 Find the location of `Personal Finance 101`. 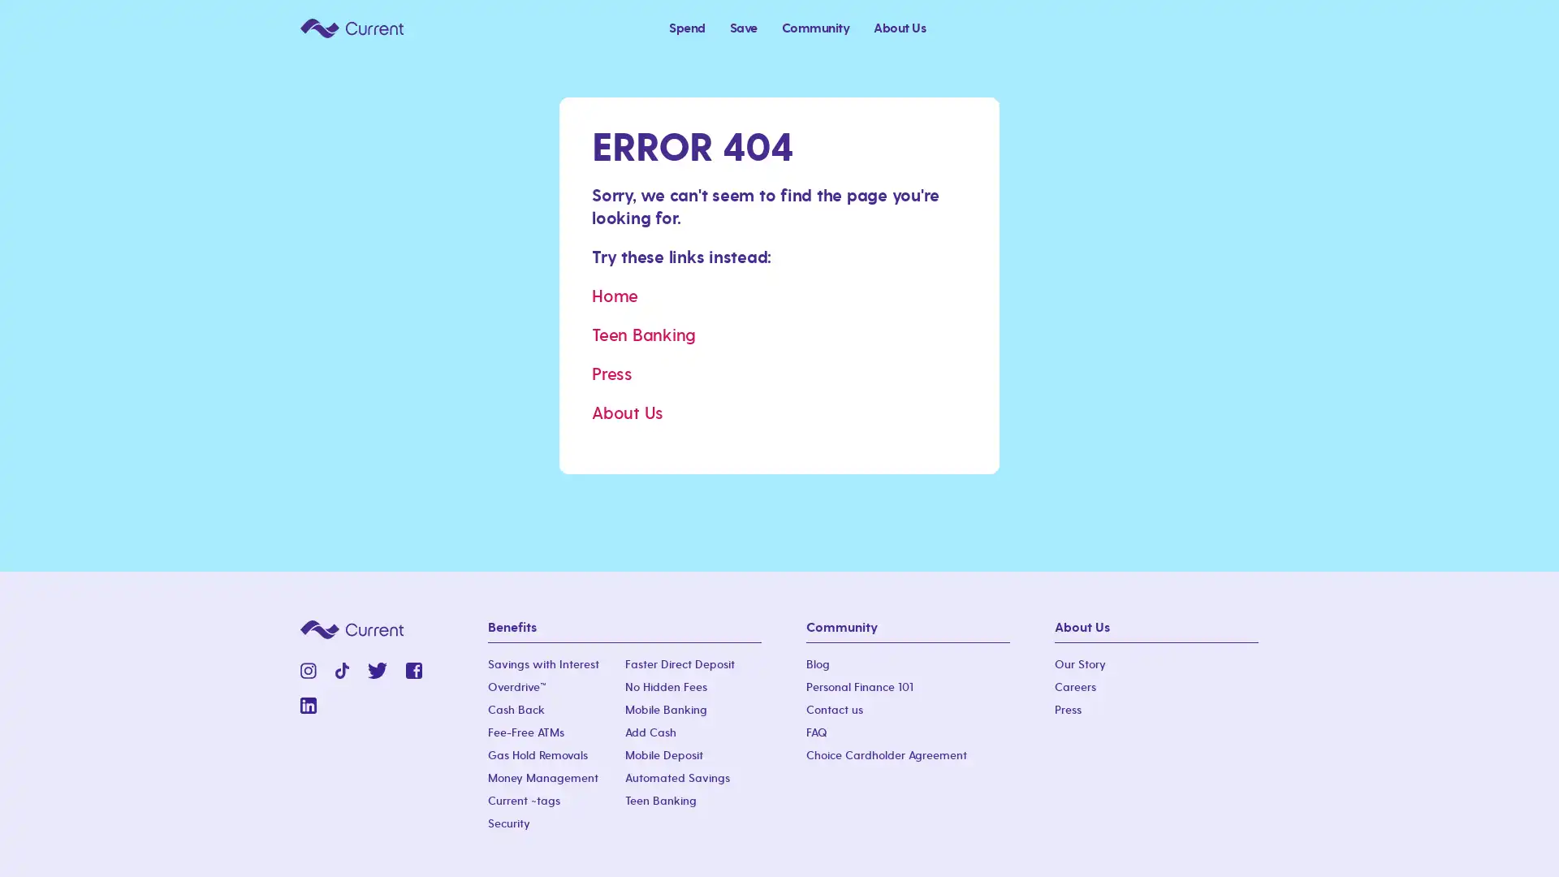

Personal Finance 101 is located at coordinates (859, 688).